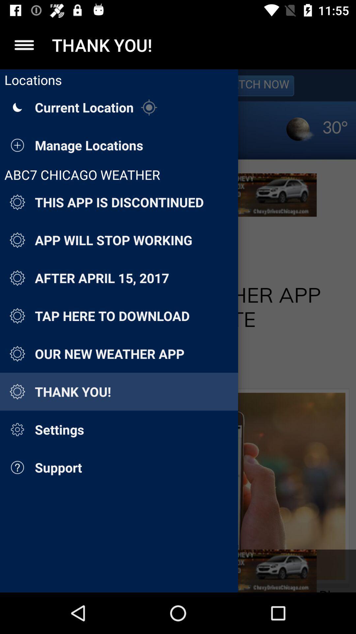  Describe the element at coordinates (24, 45) in the screenshot. I see `the app to the left of thank you! item` at that location.